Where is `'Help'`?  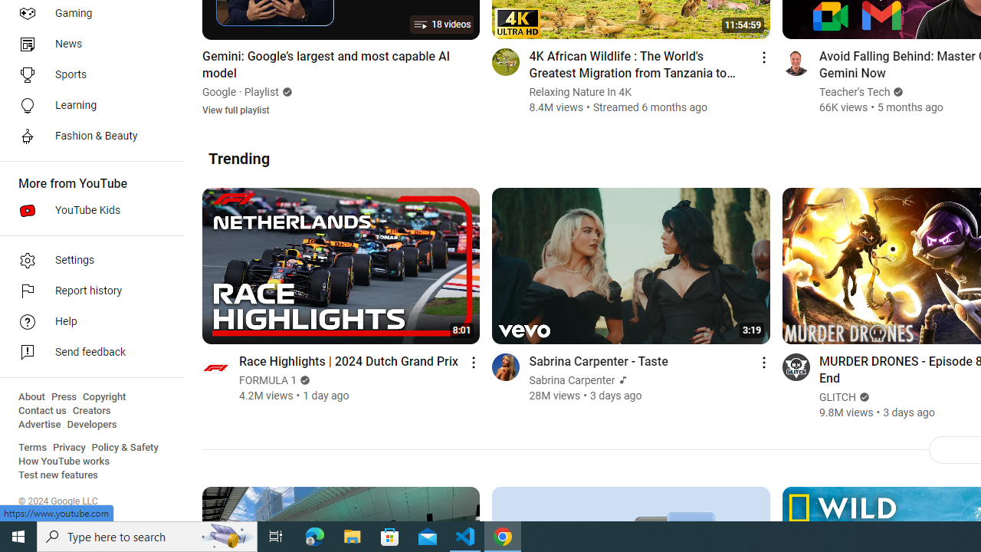
'Help' is located at coordinates (86, 321).